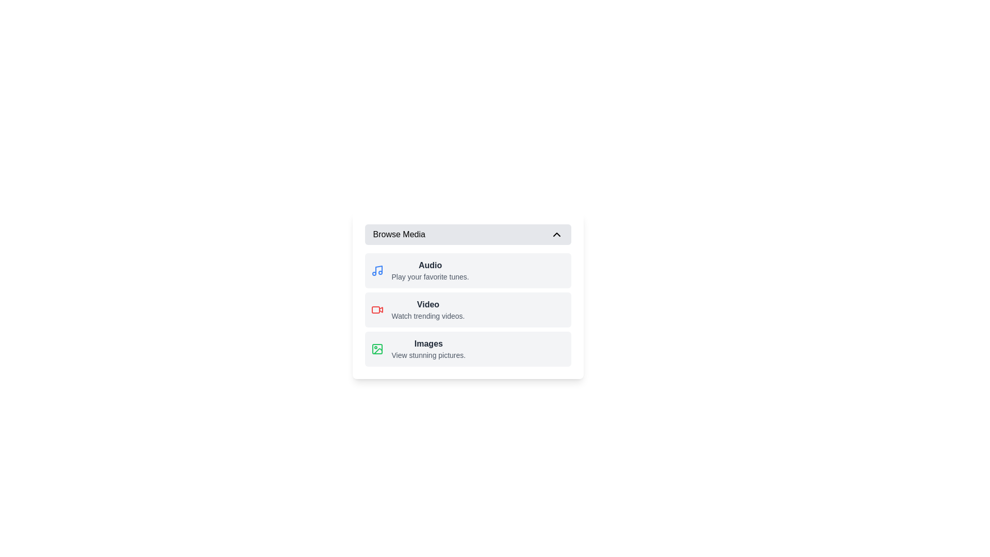  I want to click on the second list item labeled 'Video - Watch trending videos.' located within the 'Browse Media' section, so click(467, 309).